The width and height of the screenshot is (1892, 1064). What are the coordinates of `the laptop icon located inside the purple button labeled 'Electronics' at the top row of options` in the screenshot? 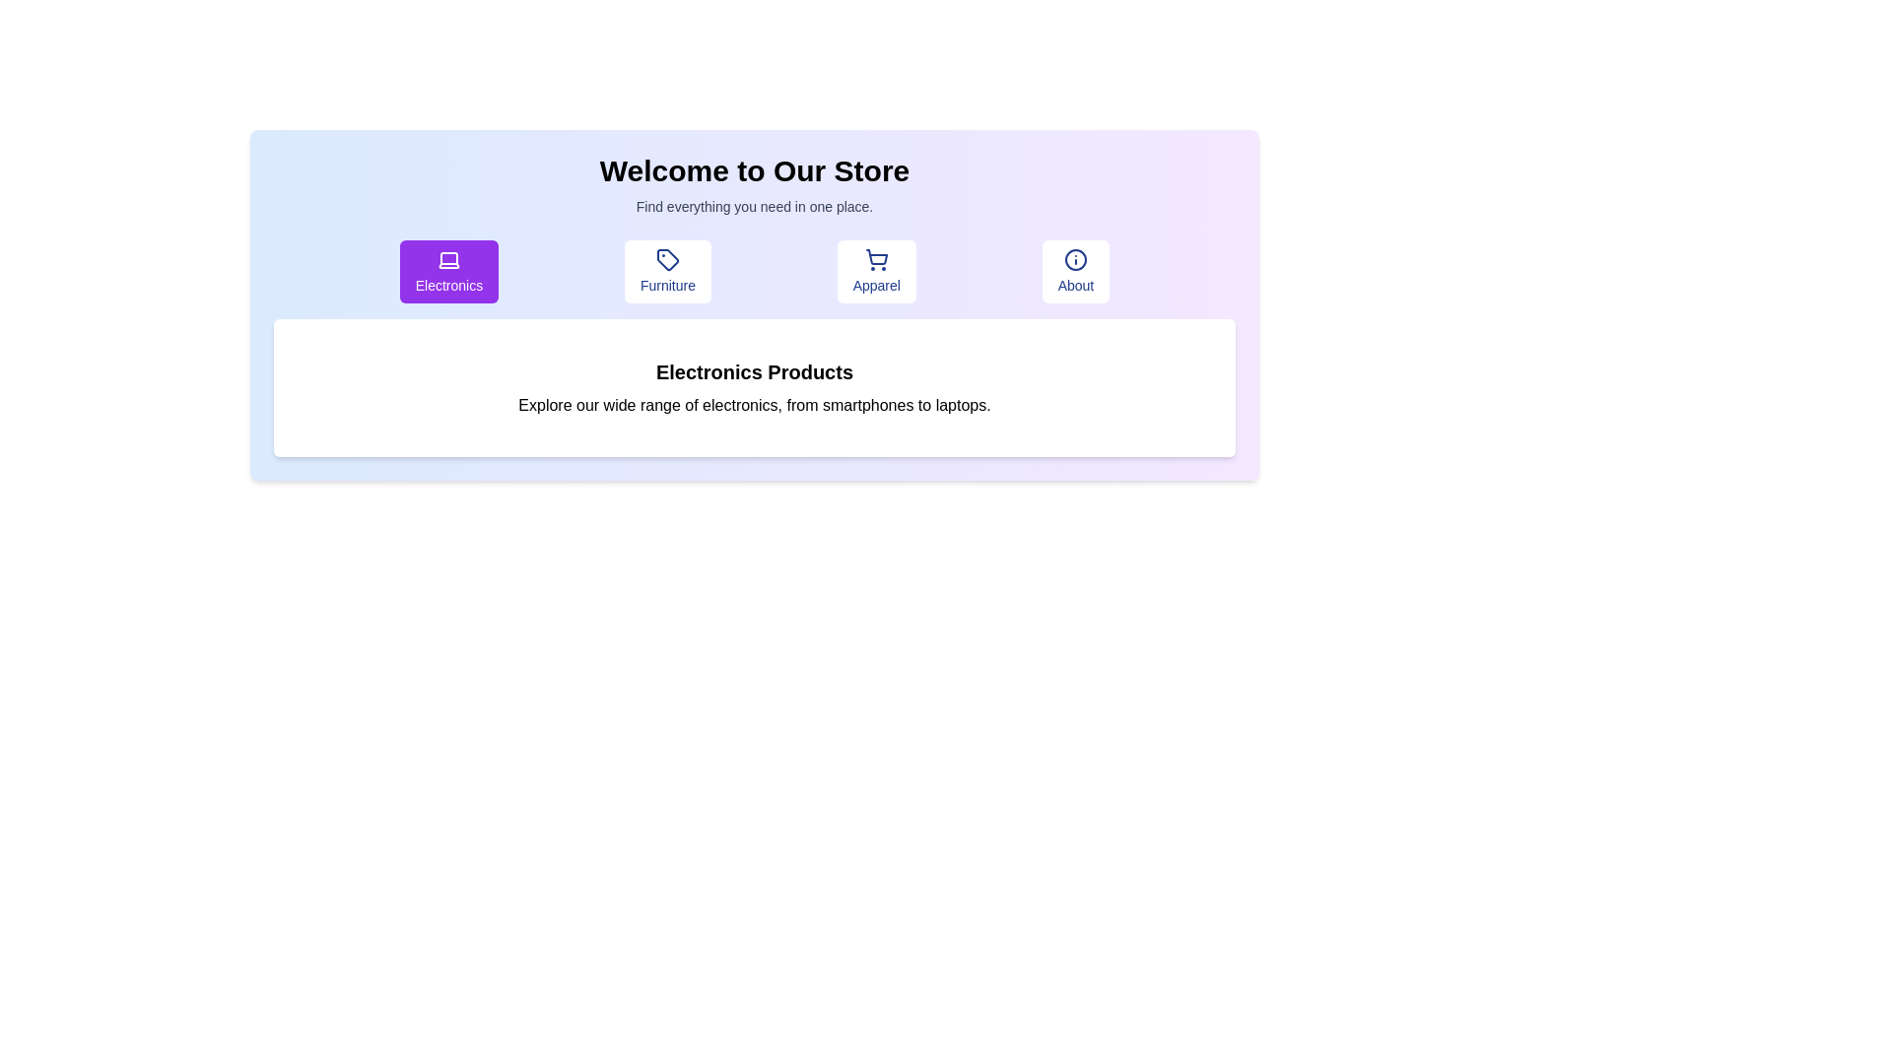 It's located at (448, 258).